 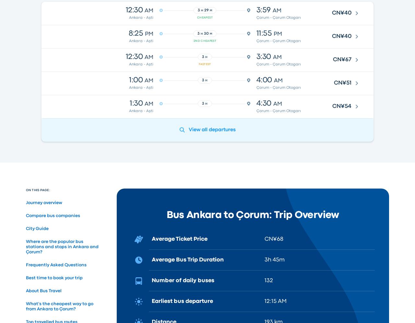 I want to click on 'What's the cheapest way to go from Ankara to Çorum?', so click(x=26, y=306).